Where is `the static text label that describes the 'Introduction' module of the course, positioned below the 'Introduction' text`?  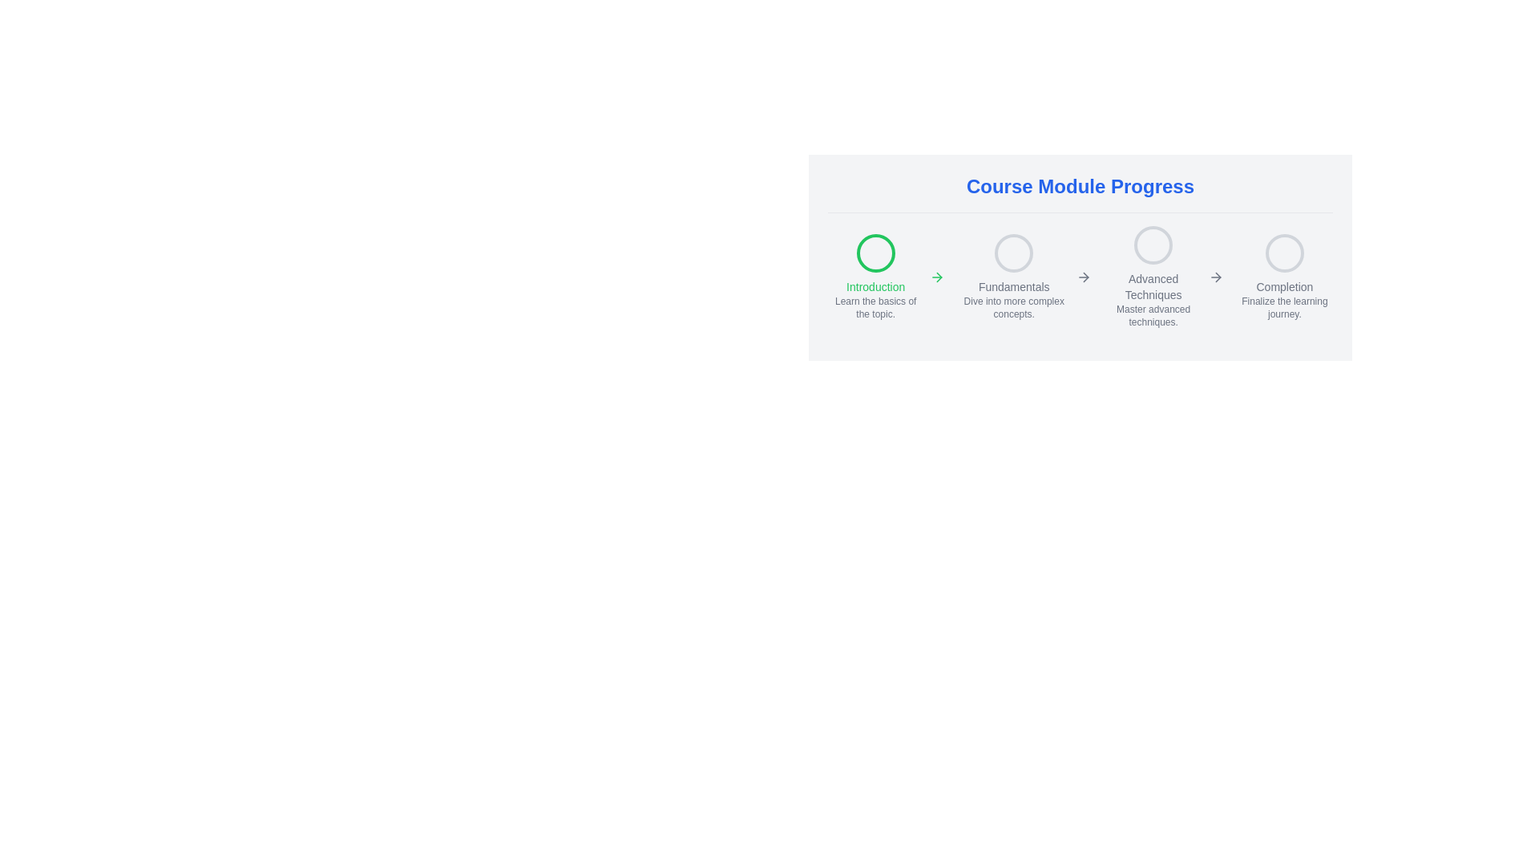
the static text label that describes the 'Introduction' module of the course, positioned below the 'Introduction' text is located at coordinates (875, 308).